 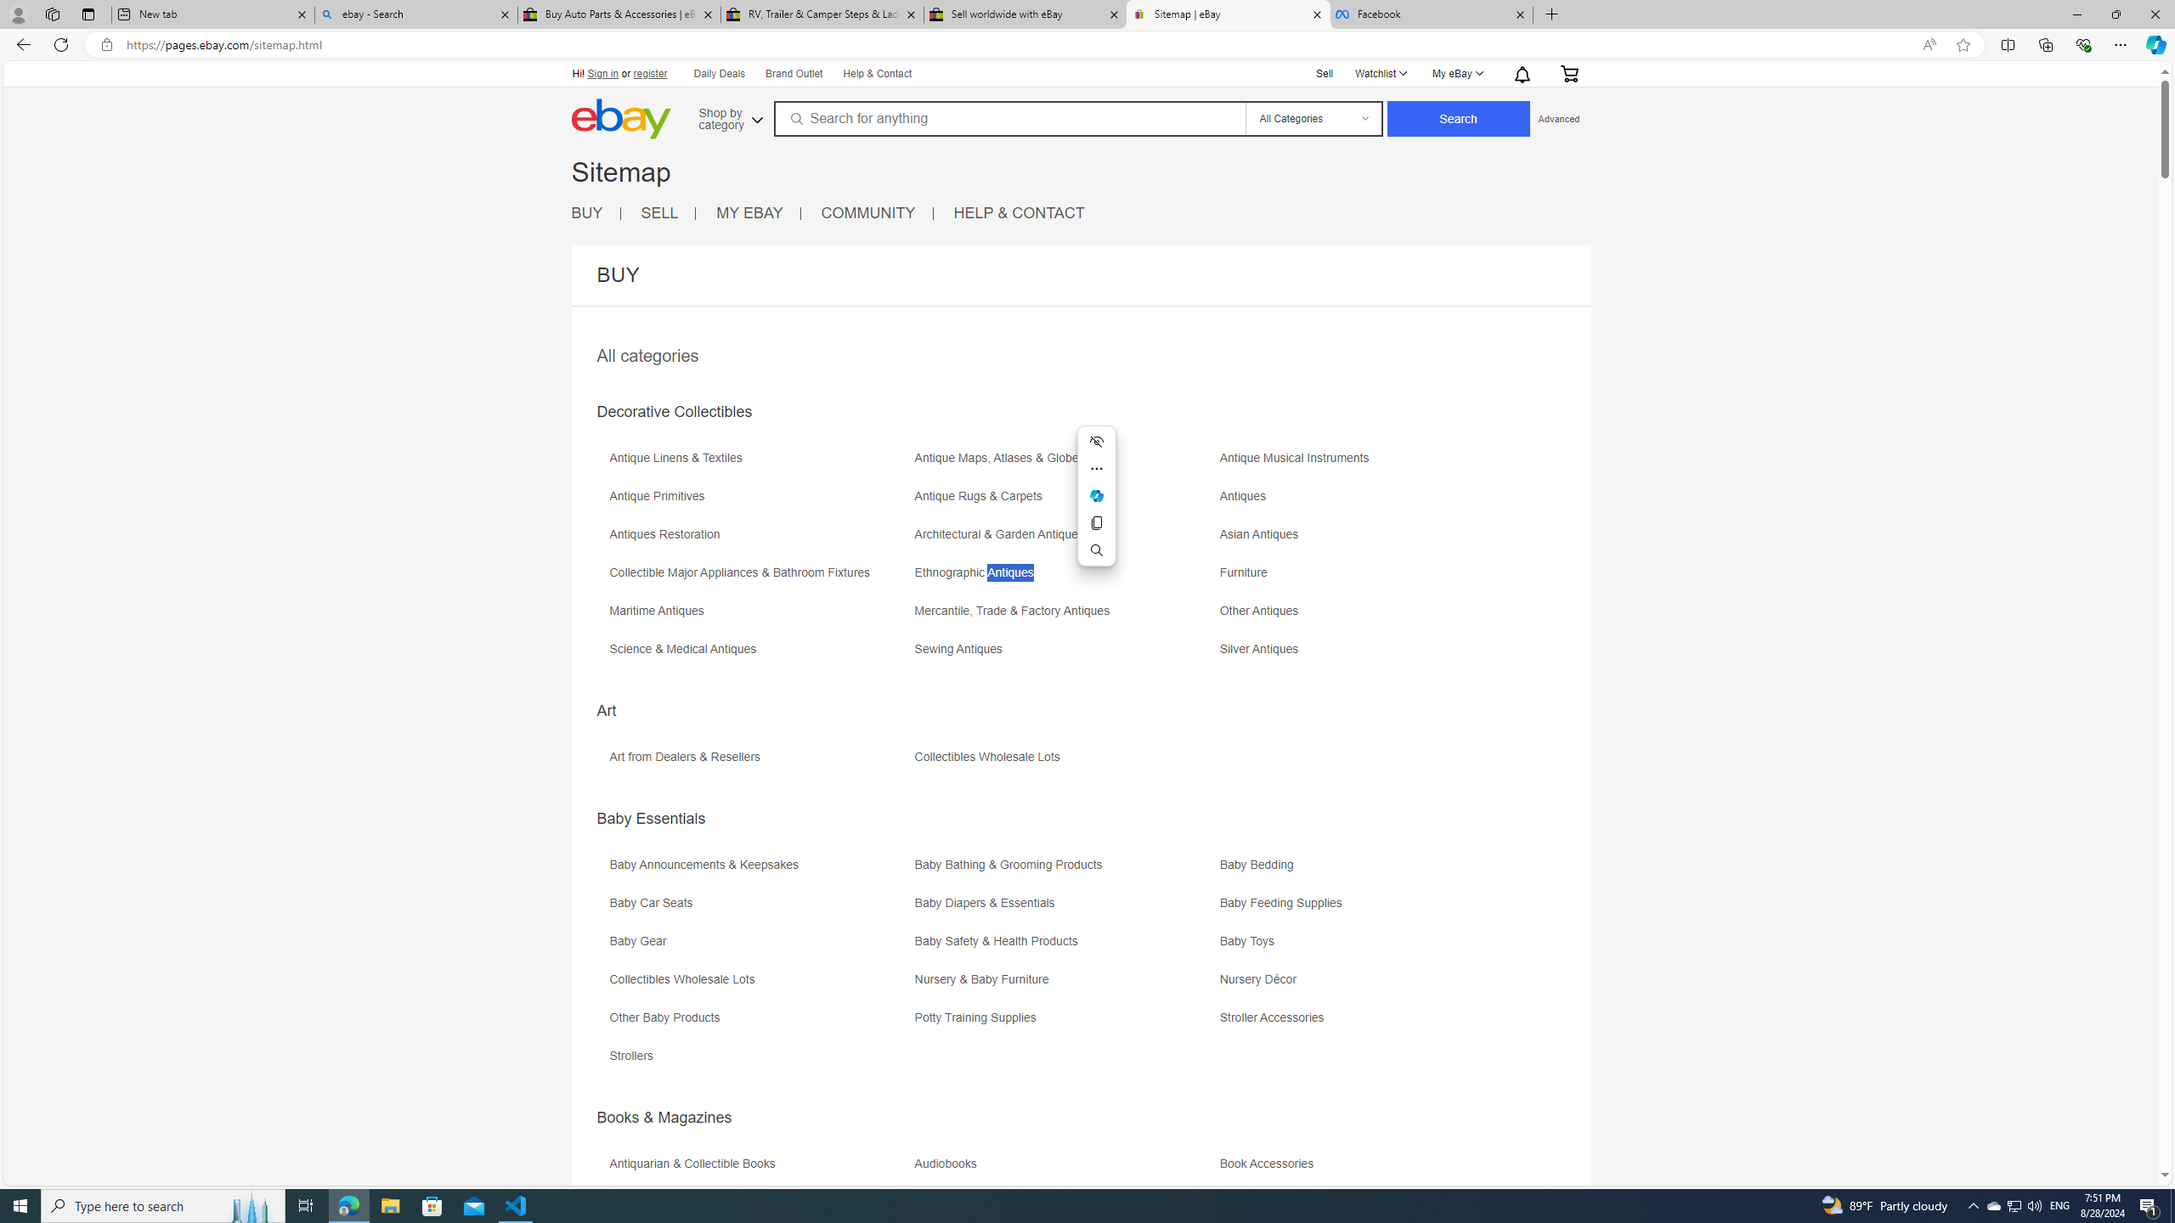 I want to click on 'Help & Contact', so click(x=878, y=74).